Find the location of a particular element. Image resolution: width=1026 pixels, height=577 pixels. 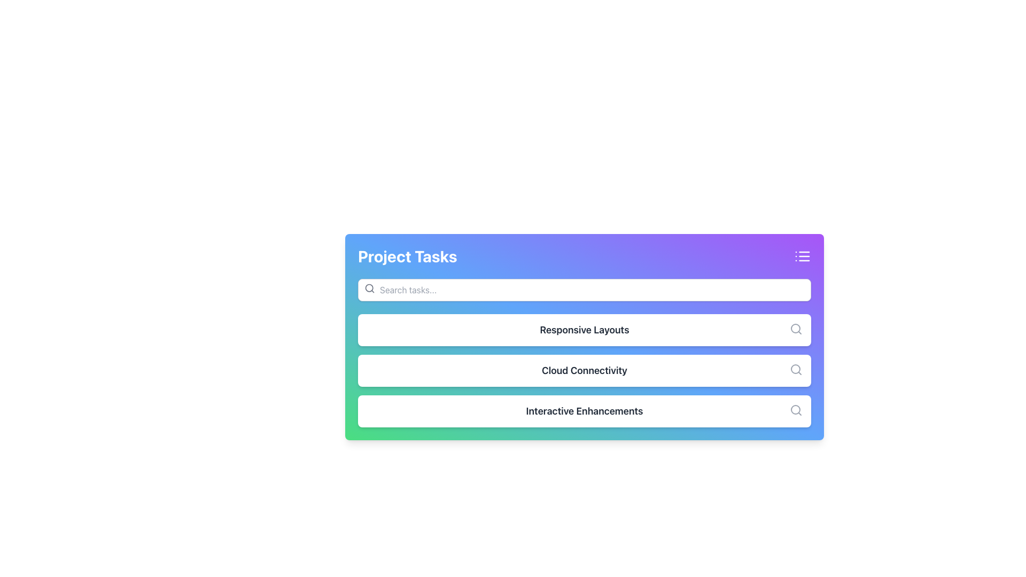

the central circular part of the search icon located on the right side of the 'Responsive Layouts' task entry is located at coordinates (795, 328).